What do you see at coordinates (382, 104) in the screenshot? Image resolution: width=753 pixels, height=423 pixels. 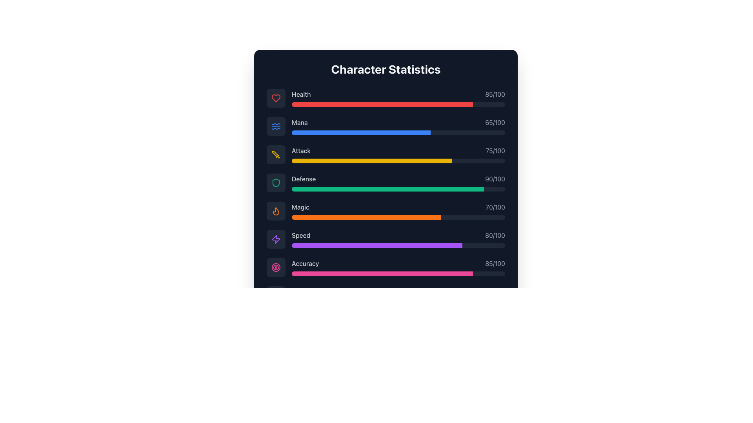 I see `the Progress bar indicating the 'Health' statistic, which is 85% filled and located in the first row of the statistics list` at bounding box center [382, 104].